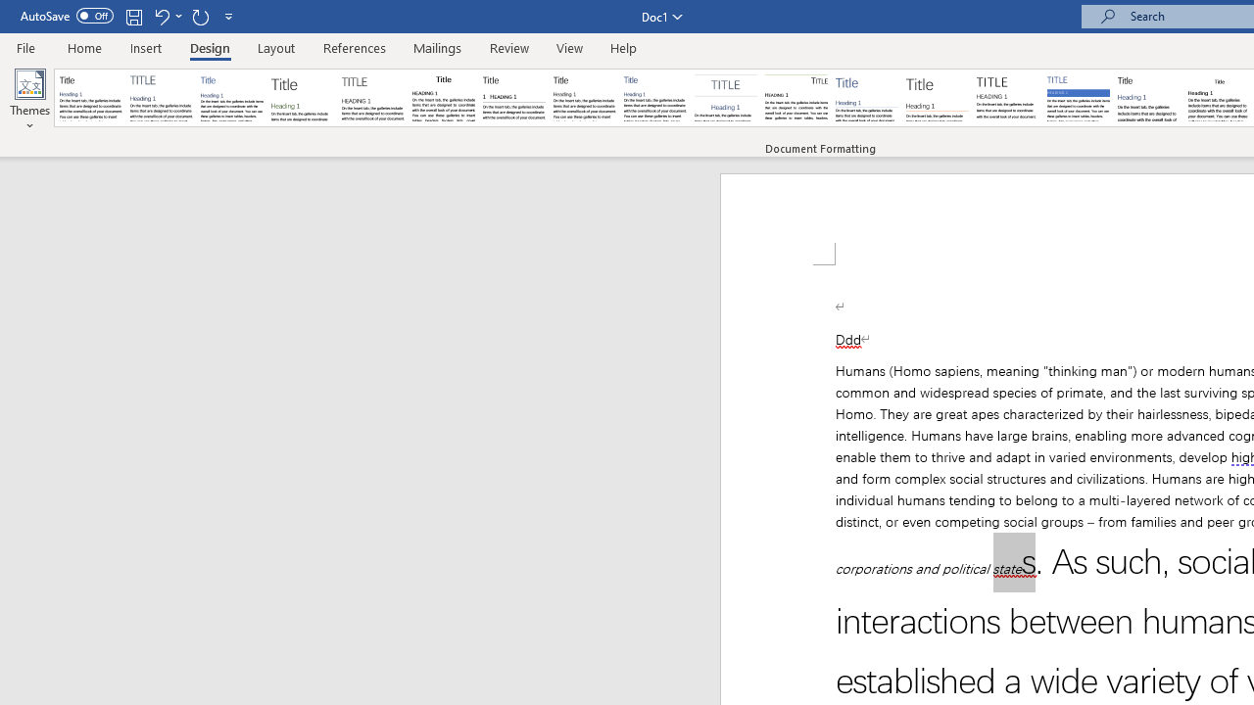 The image size is (1254, 705). I want to click on 'Basic (Elegant)', so click(162, 98).